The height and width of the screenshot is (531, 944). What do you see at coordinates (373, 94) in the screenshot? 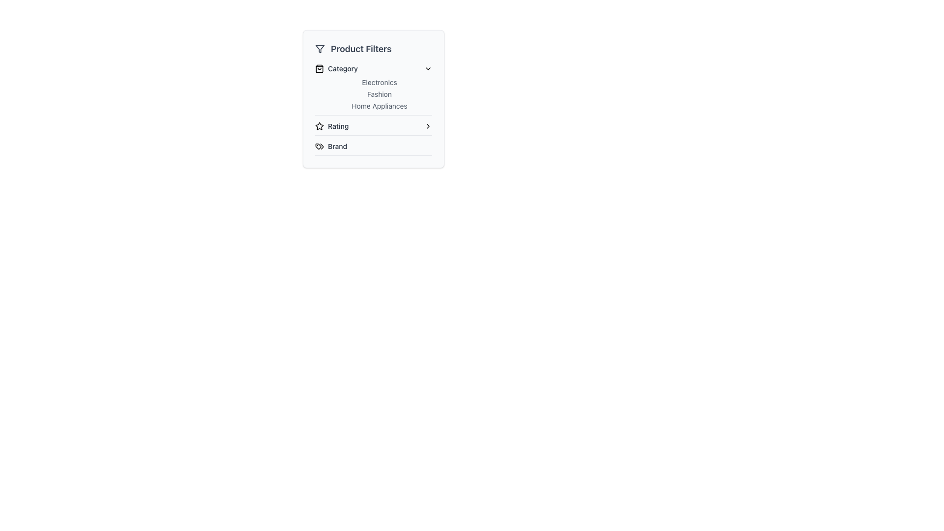
I see `a product category item in the Menu List located under the 'Category' header in the 'Product Filters' vertical menu on the left side of the interface` at bounding box center [373, 94].